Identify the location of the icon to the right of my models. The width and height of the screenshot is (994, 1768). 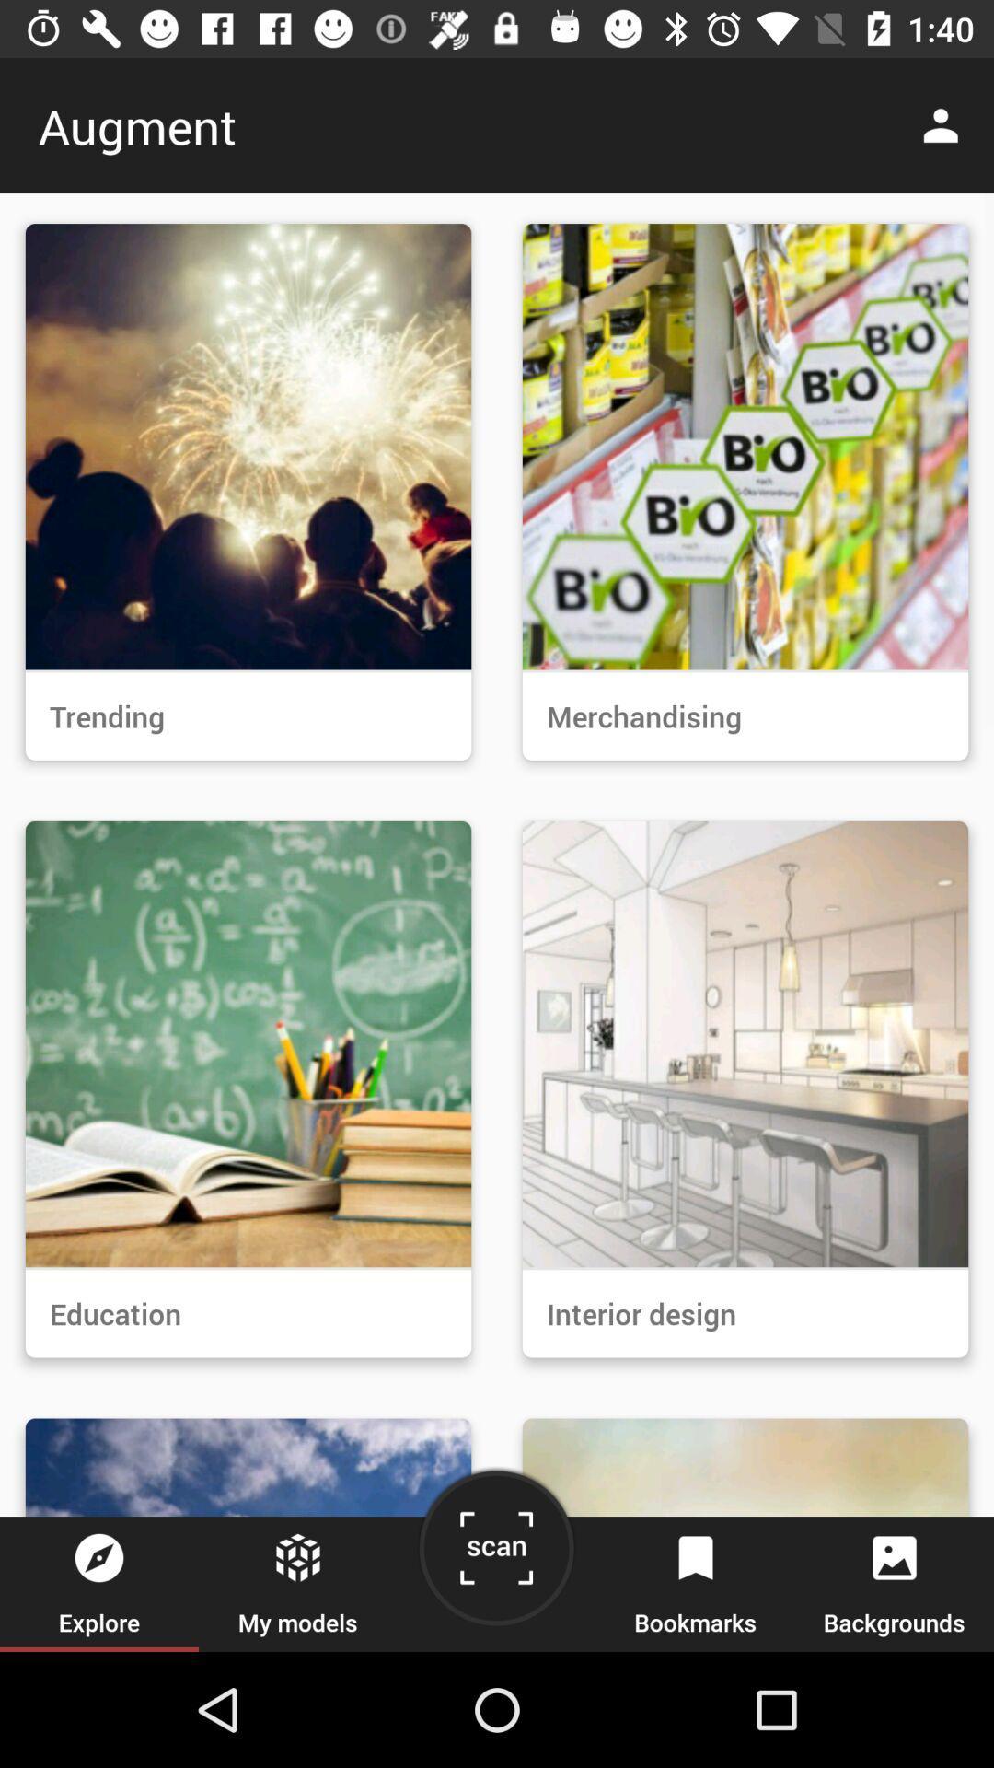
(495, 1554).